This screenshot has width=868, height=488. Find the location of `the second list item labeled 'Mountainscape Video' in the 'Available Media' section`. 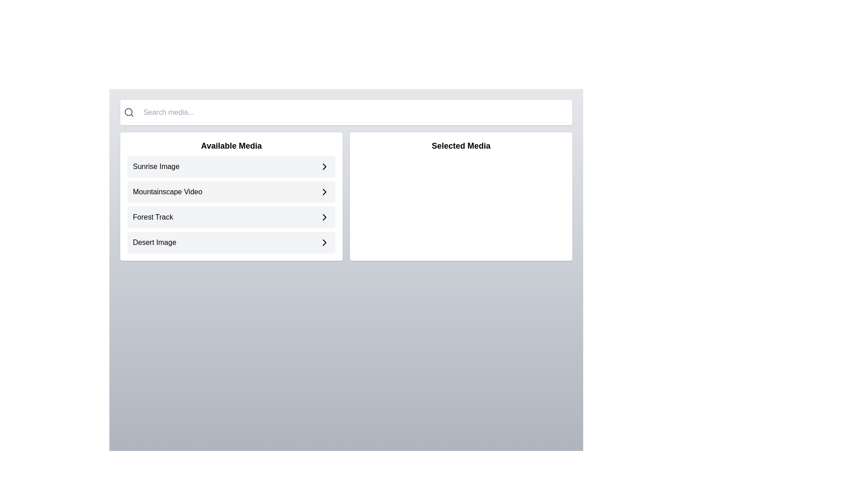

the second list item labeled 'Mountainscape Video' in the 'Available Media' section is located at coordinates (231, 191).